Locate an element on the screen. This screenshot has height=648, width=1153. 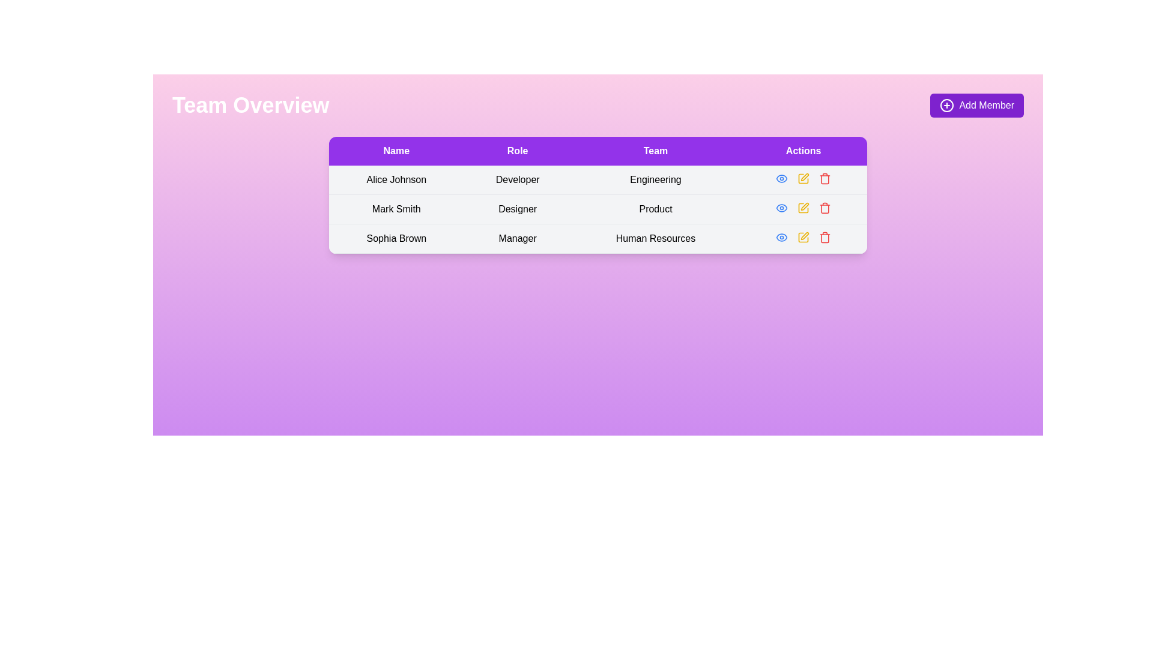
the Edit action button icon located in the Actions section of the row corresponding to 'Sophia Brown' to initiate editing is located at coordinates (803, 238).